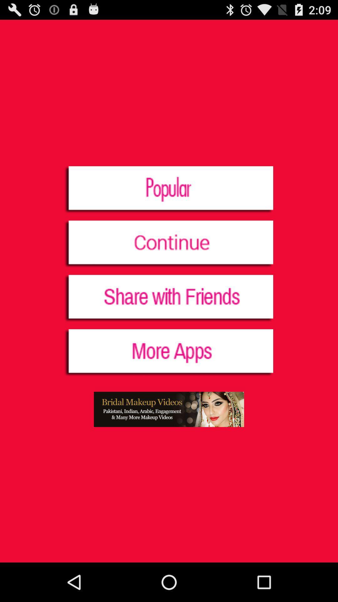  What do you see at coordinates (168, 353) in the screenshot?
I see `more apps` at bounding box center [168, 353].